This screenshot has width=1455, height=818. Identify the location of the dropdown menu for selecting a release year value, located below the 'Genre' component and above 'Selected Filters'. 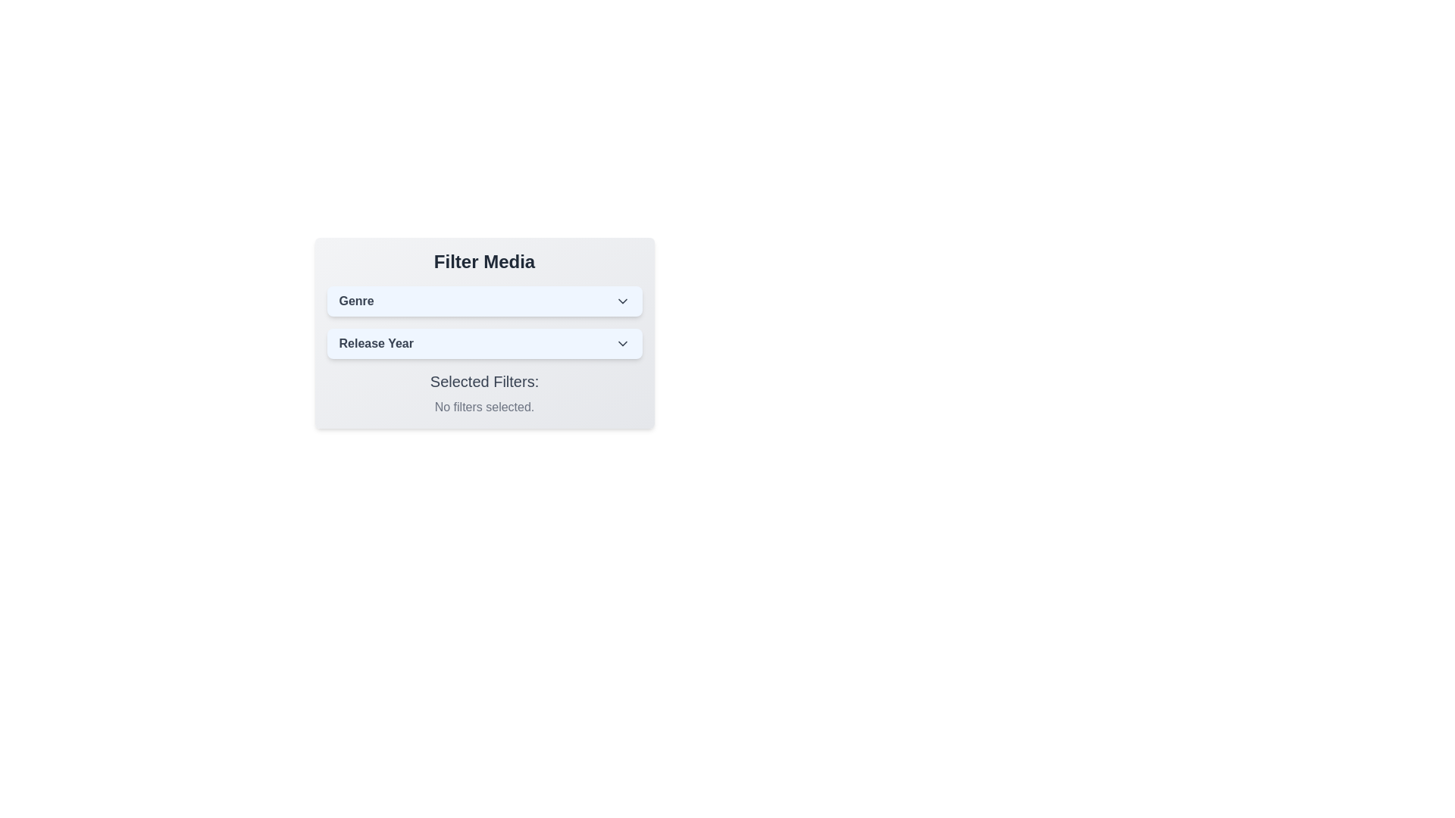
(483, 344).